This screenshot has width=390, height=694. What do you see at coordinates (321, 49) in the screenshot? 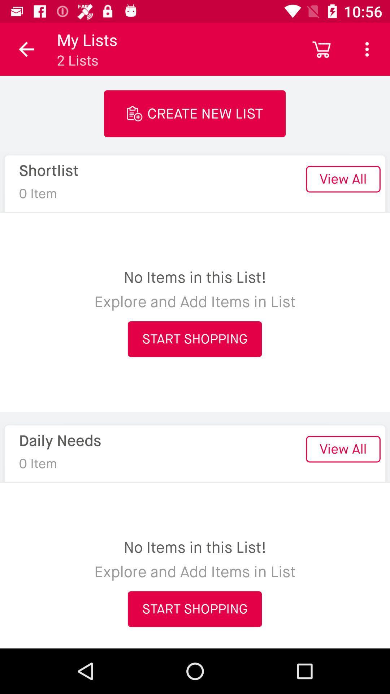
I see `item next to the my lists app` at bounding box center [321, 49].